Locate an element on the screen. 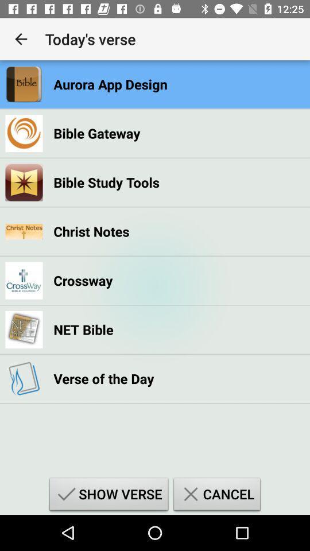 The image size is (310, 551). icon above the show verse item is located at coordinates (103, 378).